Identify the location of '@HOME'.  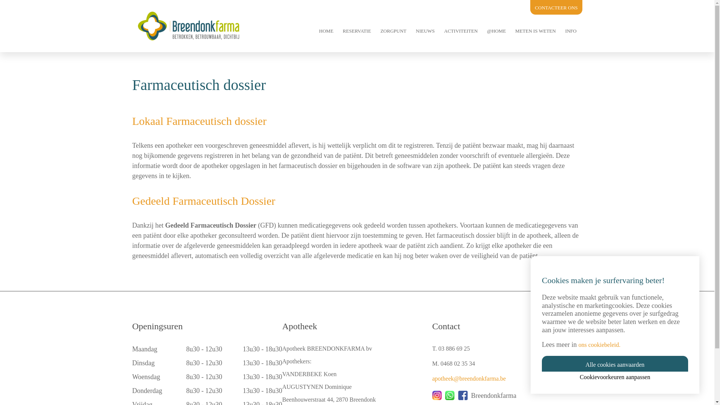
(496, 30).